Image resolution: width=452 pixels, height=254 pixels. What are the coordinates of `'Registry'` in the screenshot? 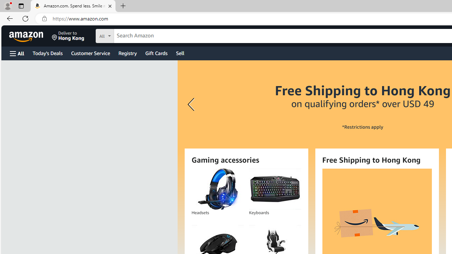 It's located at (127, 53).